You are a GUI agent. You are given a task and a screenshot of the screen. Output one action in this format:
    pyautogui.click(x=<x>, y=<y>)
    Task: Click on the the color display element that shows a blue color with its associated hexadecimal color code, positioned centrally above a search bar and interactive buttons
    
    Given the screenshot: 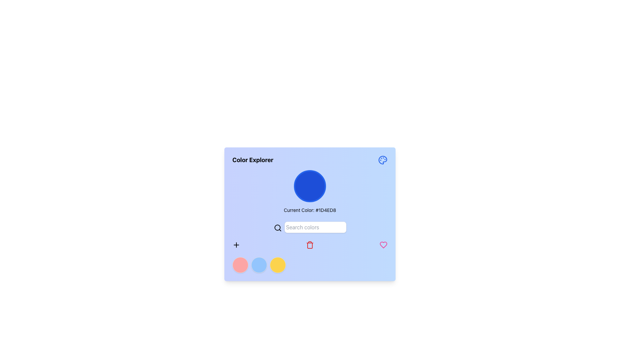 What is the action you would take?
    pyautogui.click(x=309, y=192)
    